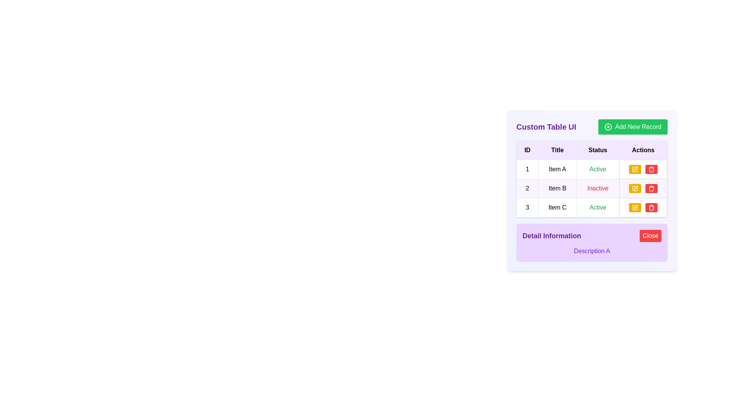  I want to click on the delete button (the third action button), so click(651, 208).